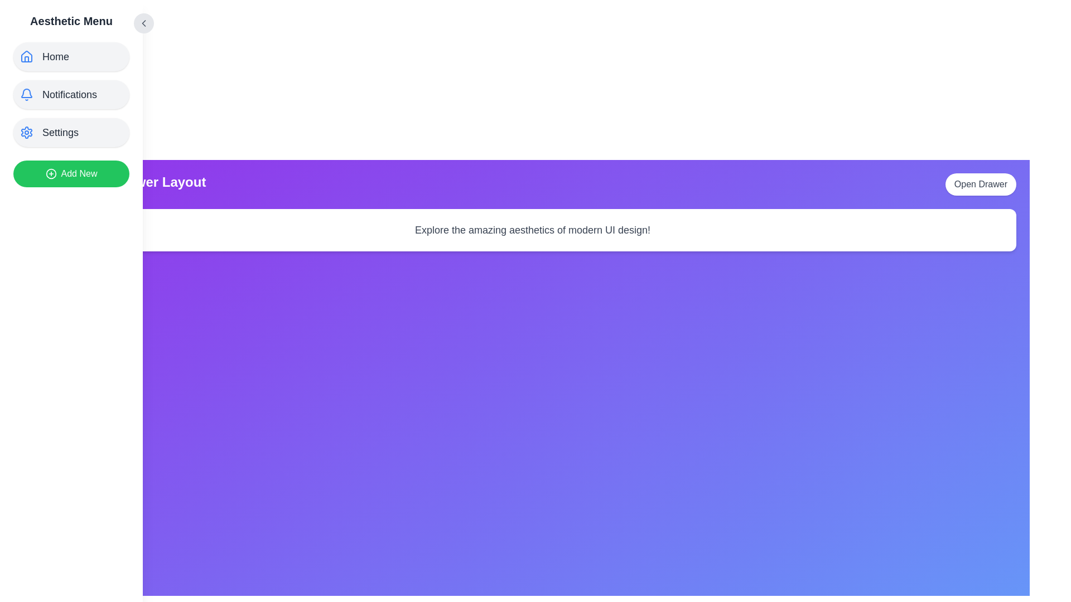 Image resolution: width=1071 pixels, height=602 pixels. I want to click on the bell icon element with a blue outline, which is located to the left of the 'Notifications' text in the second button of the vertical sidebar menu, so click(27, 94).